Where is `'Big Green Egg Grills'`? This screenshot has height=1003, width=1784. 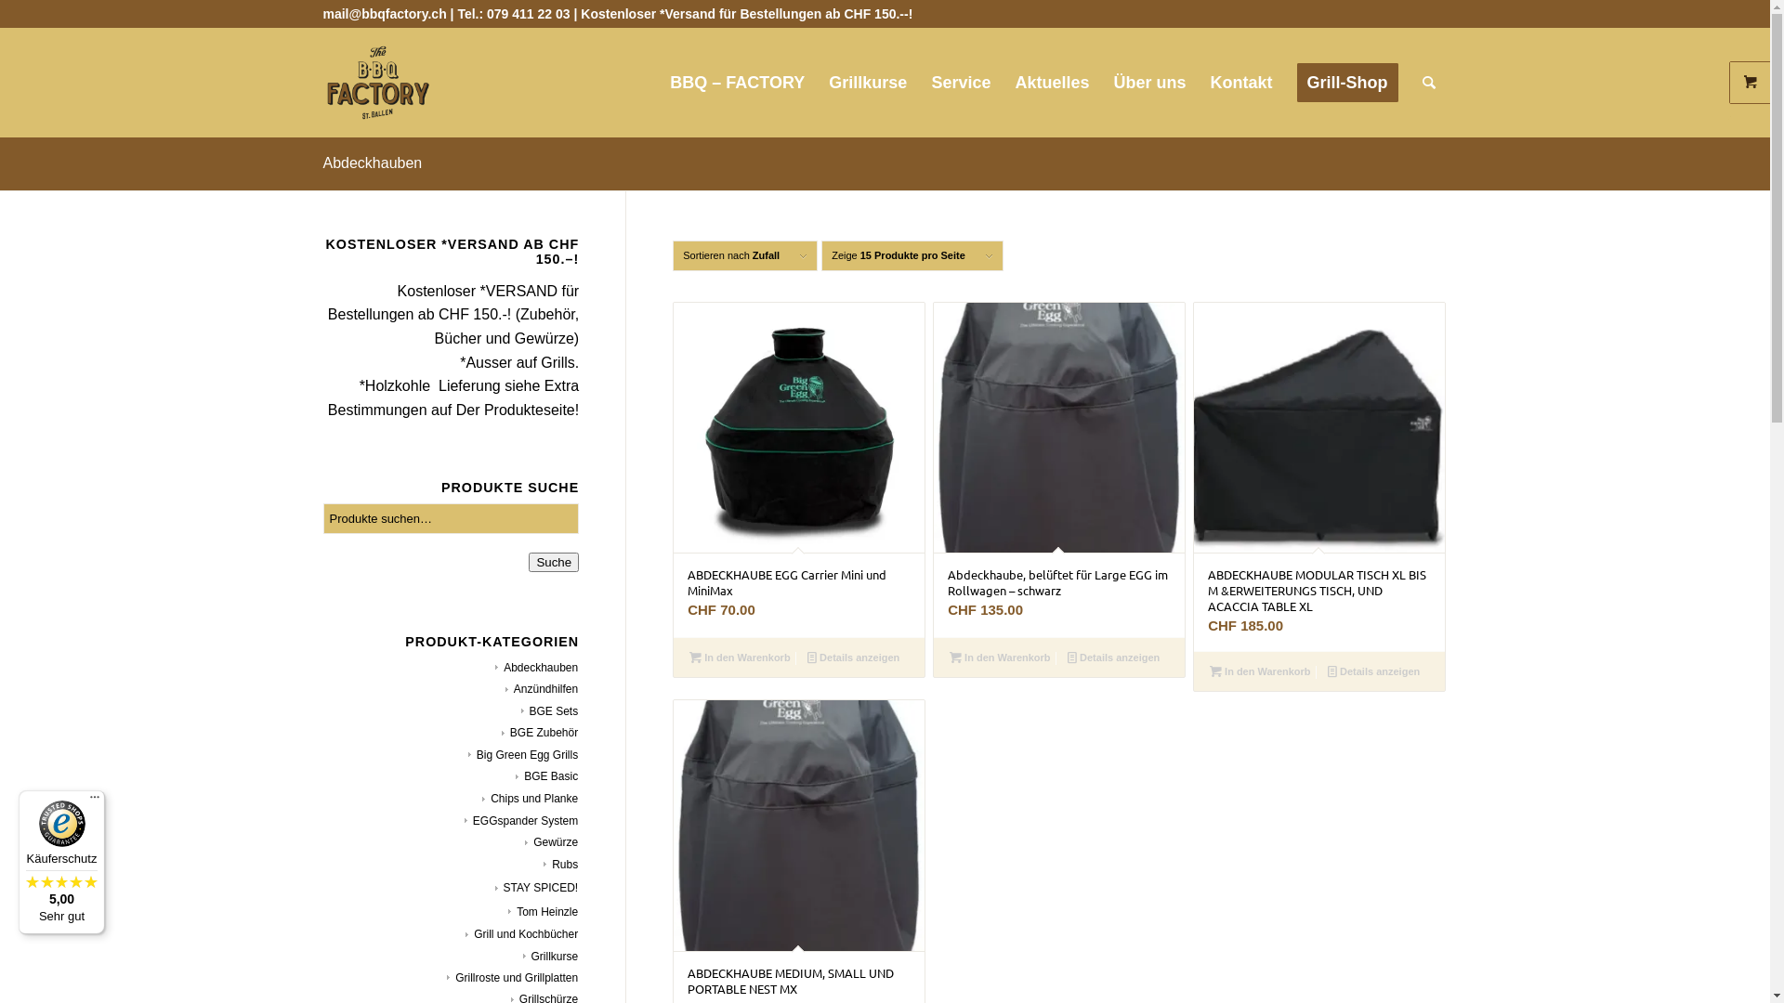
'Big Green Egg Grills' is located at coordinates (468, 755).